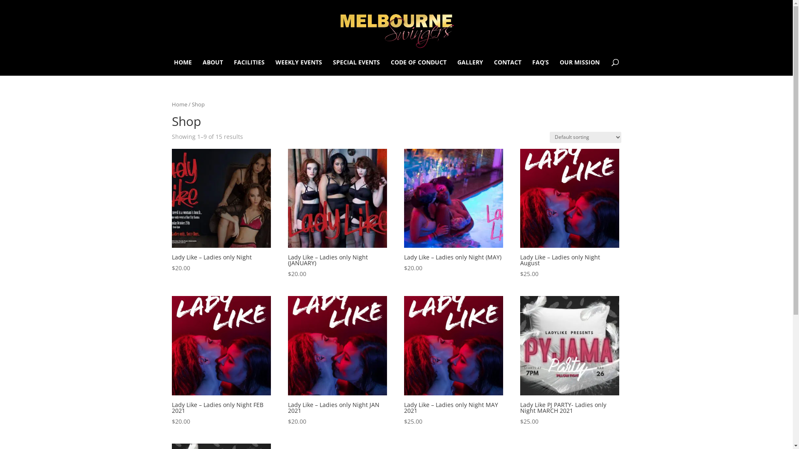 The height and width of the screenshot is (449, 799). What do you see at coordinates (182, 67) in the screenshot?
I see `'HOME'` at bounding box center [182, 67].